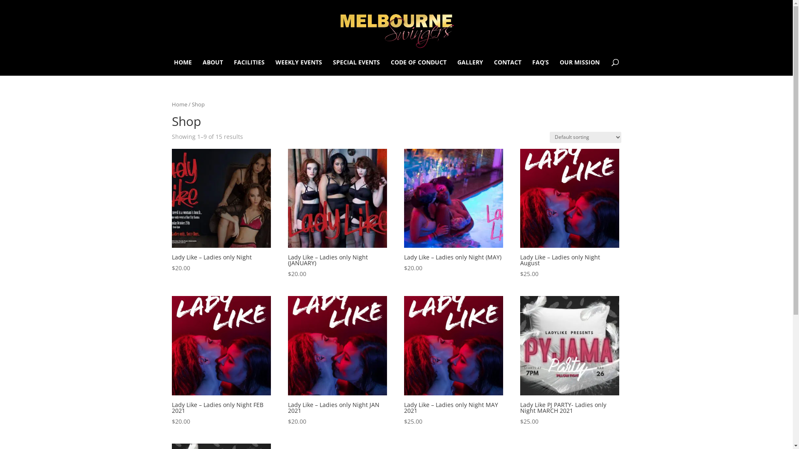 The height and width of the screenshot is (449, 799). What do you see at coordinates (182, 67) in the screenshot?
I see `'HOME'` at bounding box center [182, 67].